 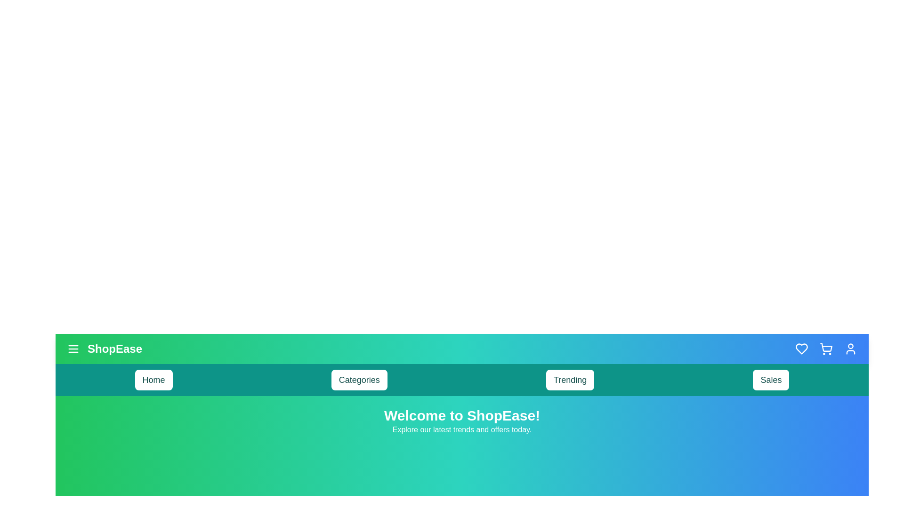 I want to click on the navigation item Sales, so click(x=771, y=379).